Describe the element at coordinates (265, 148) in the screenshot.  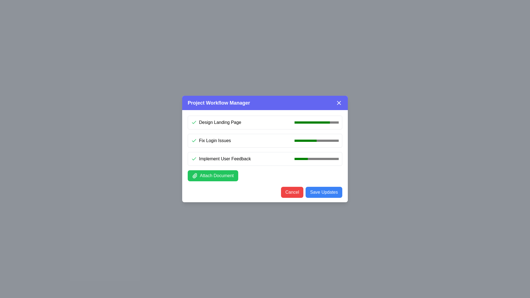
I see `individual tasks within the task dashboard located in the modal titled 'Project Workflow Manager'` at that location.